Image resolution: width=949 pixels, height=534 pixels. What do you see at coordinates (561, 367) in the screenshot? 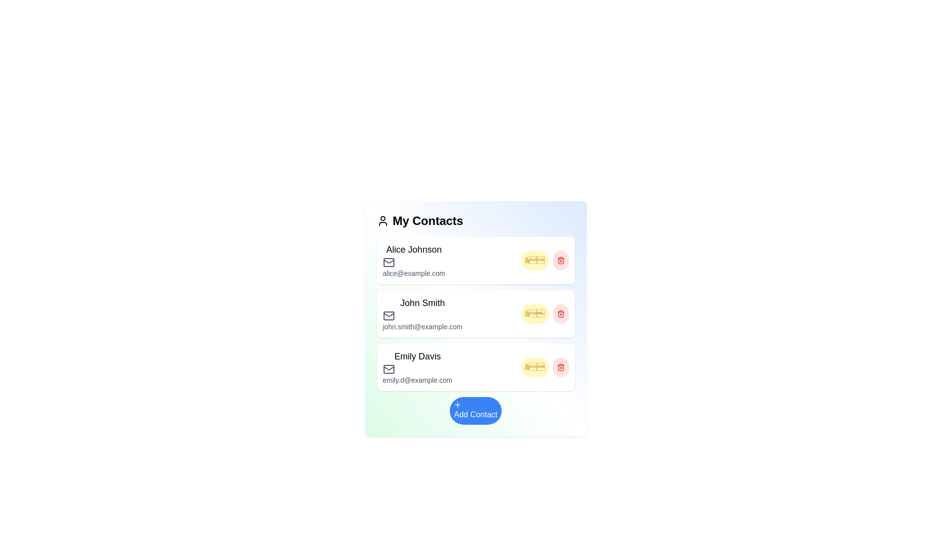
I see `the delete button for the contact Emily Davis` at bounding box center [561, 367].